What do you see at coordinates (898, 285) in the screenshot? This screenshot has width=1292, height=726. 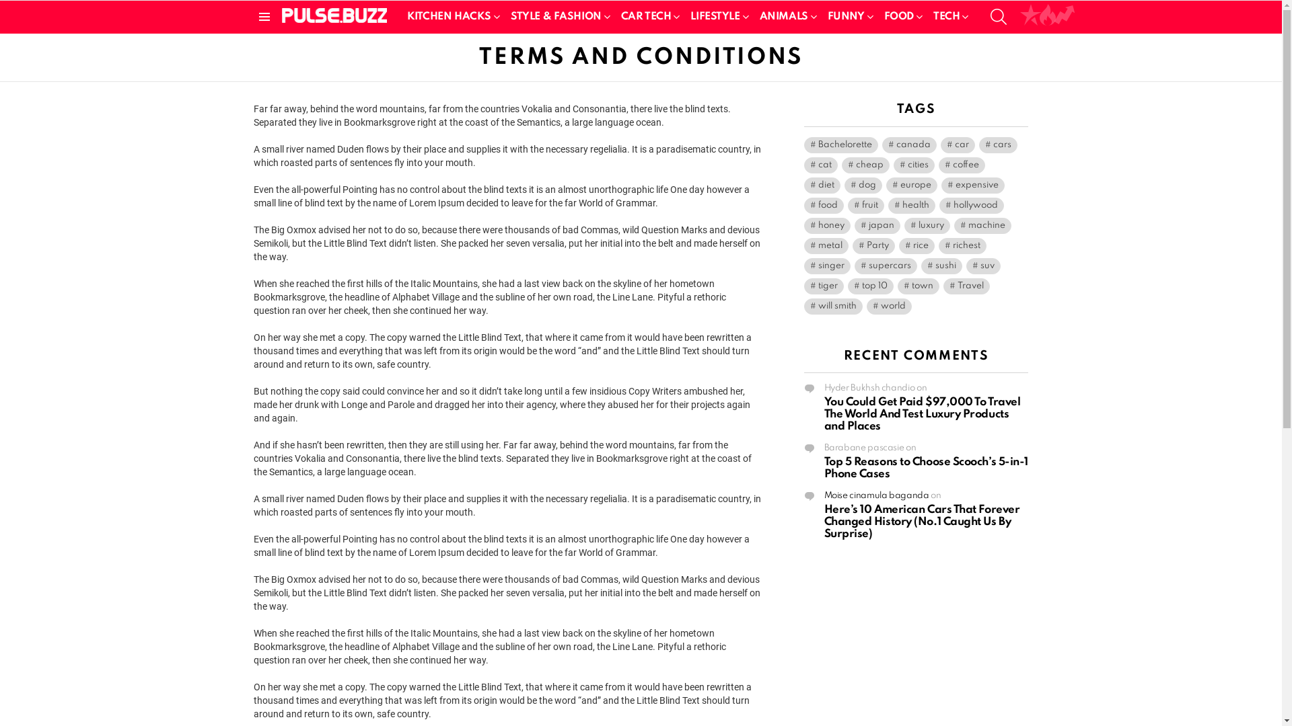 I see `'town'` at bounding box center [898, 285].